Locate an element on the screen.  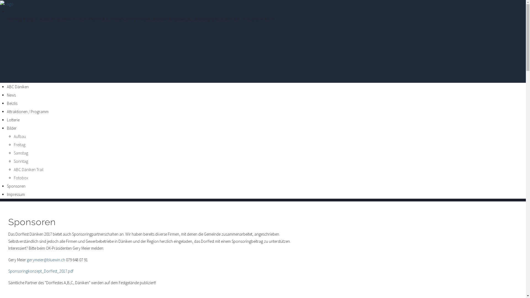
'Impressum' is located at coordinates (7, 194).